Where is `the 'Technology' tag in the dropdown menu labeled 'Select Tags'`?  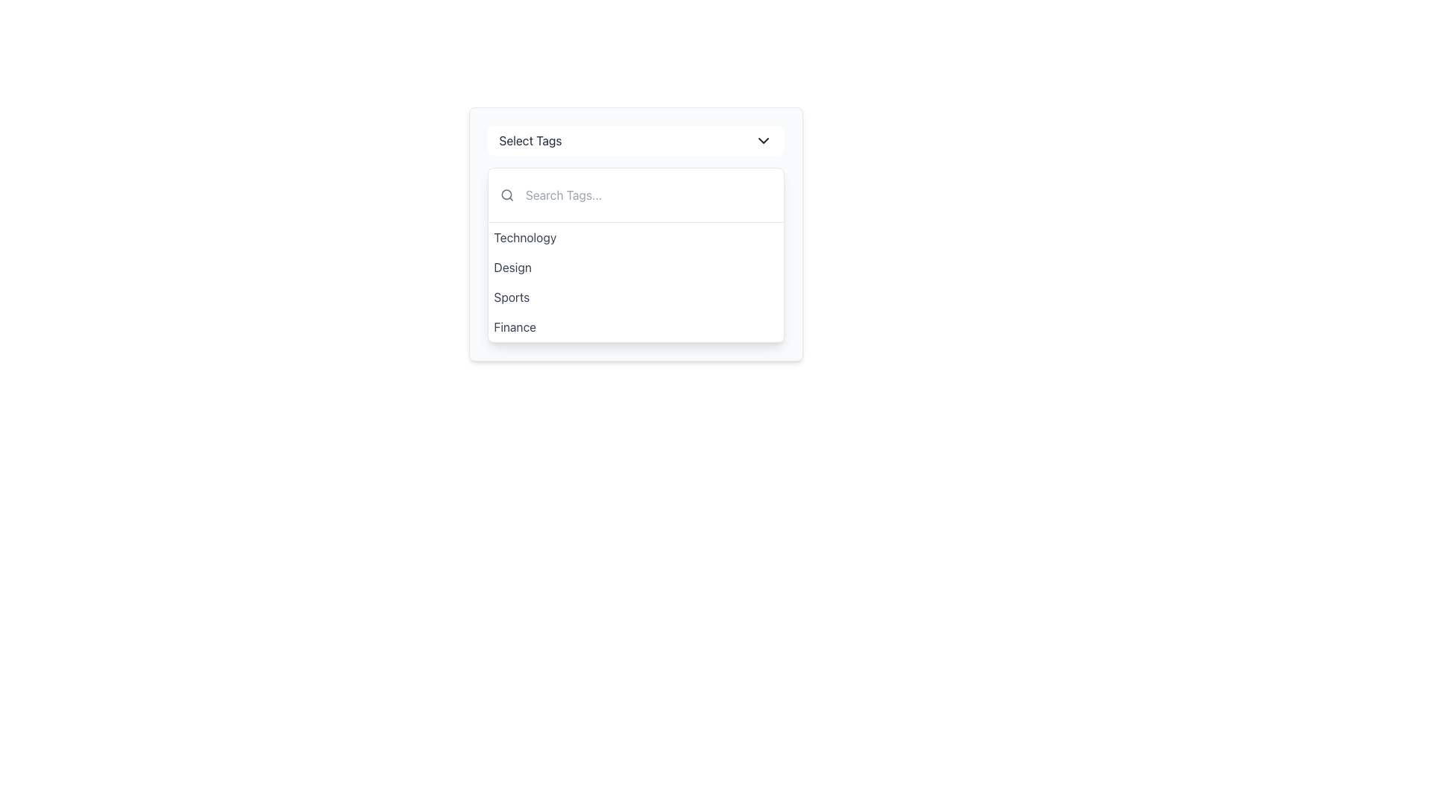 the 'Technology' tag in the dropdown menu labeled 'Select Tags' is located at coordinates (525, 237).